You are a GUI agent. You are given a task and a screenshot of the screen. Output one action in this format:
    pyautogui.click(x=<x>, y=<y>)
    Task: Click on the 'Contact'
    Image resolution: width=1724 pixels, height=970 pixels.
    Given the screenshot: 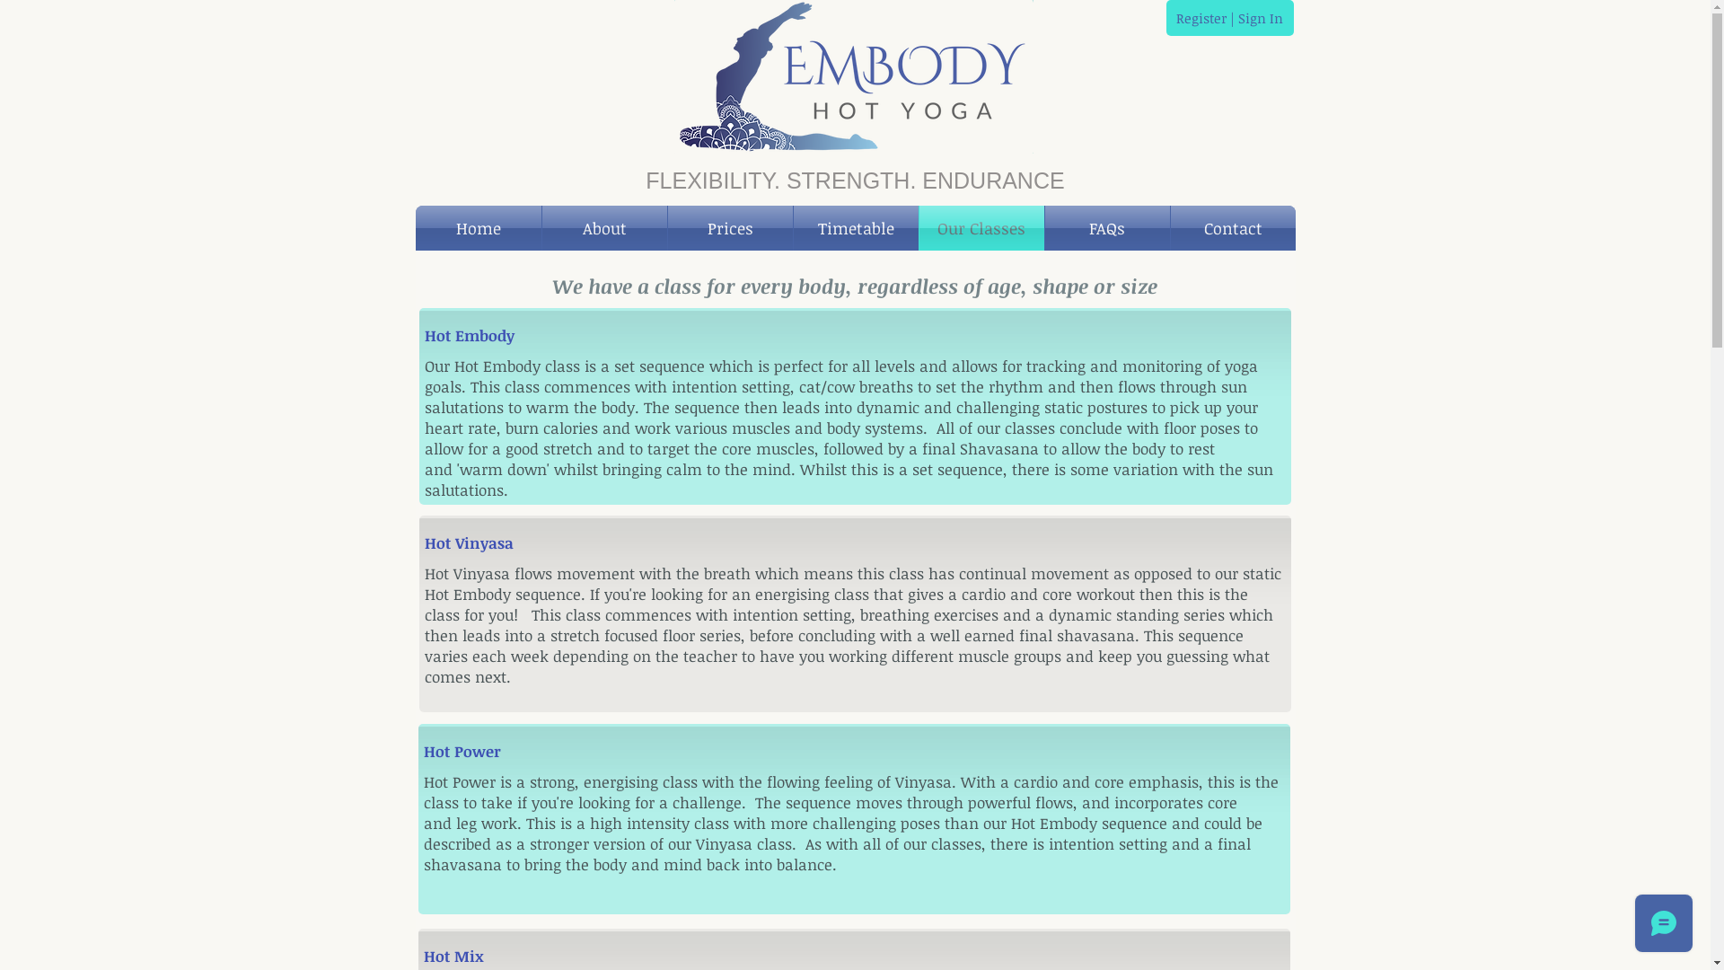 What is the action you would take?
    pyautogui.click(x=1232, y=227)
    